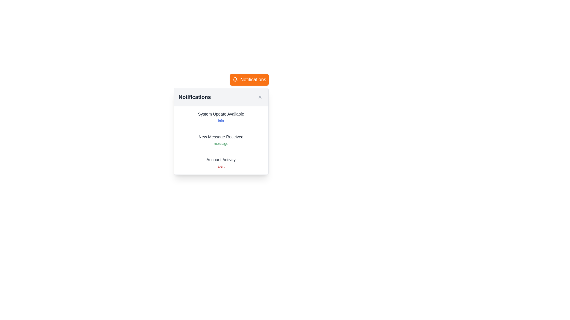  Describe the element at coordinates (221, 114) in the screenshot. I see `the static text label that displays the title of the system update notification, located at the upper section of the first notification card` at that location.